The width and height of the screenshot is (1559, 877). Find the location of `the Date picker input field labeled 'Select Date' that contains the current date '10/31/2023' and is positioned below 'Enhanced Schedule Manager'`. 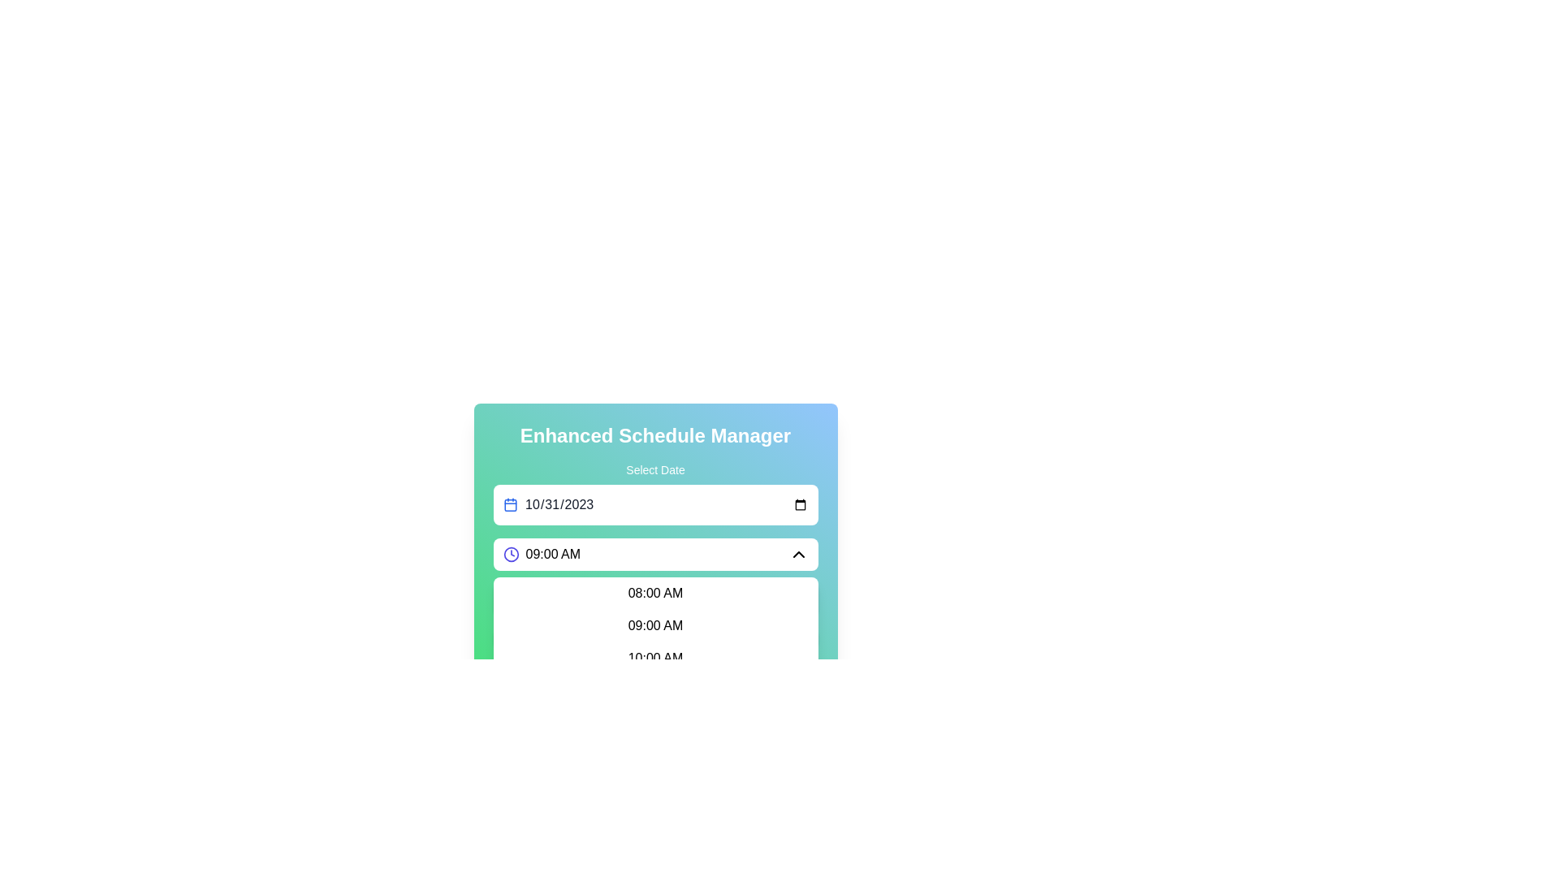

the Date picker input field labeled 'Select Date' that contains the current date '10/31/2023' and is positioned below 'Enhanced Schedule Manager' is located at coordinates (655, 521).